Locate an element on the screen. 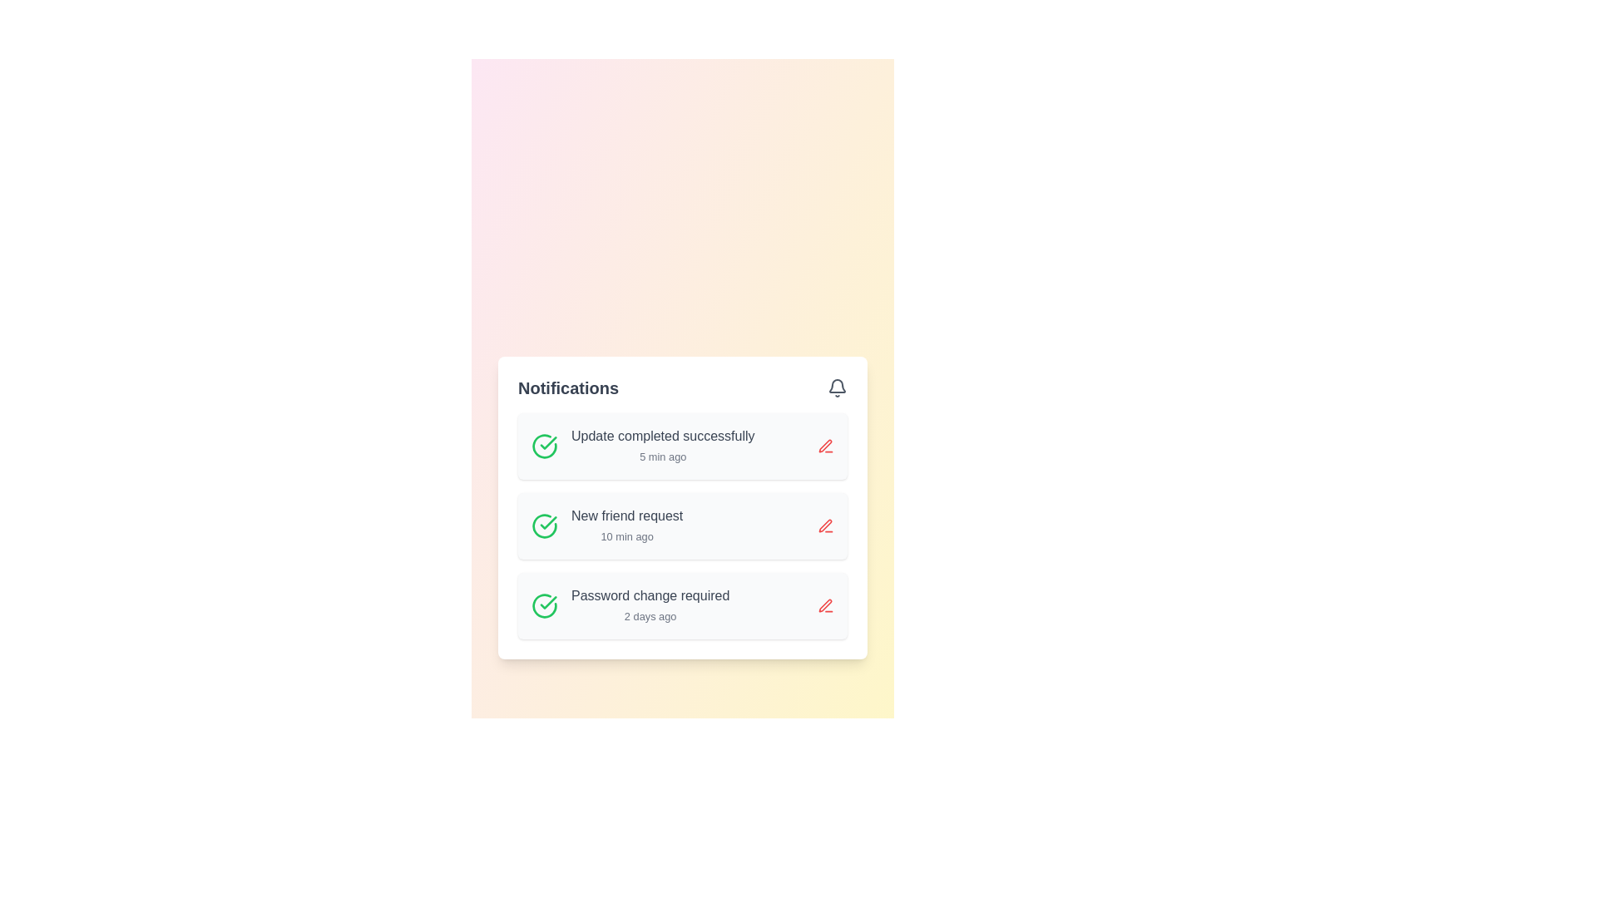 This screenshot has width=1597, height=898. the edit icon button (pen tool) associated with the 'New friend request' notification is located at coordinates (826, 525).